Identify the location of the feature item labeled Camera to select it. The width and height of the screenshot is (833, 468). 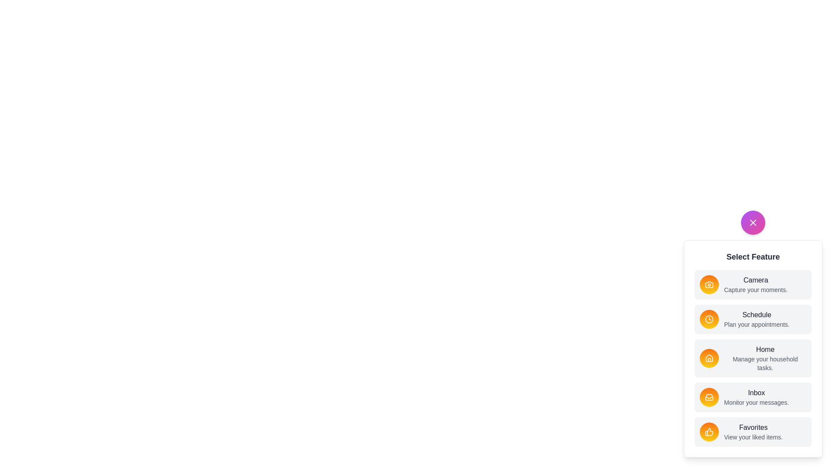
(753, 284).